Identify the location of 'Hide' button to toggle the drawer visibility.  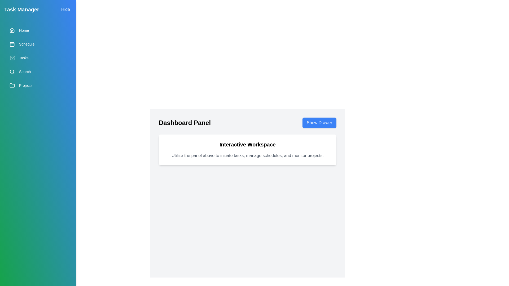
(65, 9).